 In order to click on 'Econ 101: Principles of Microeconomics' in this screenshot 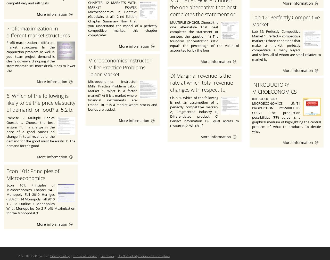, I will do `click(6, 174)`.